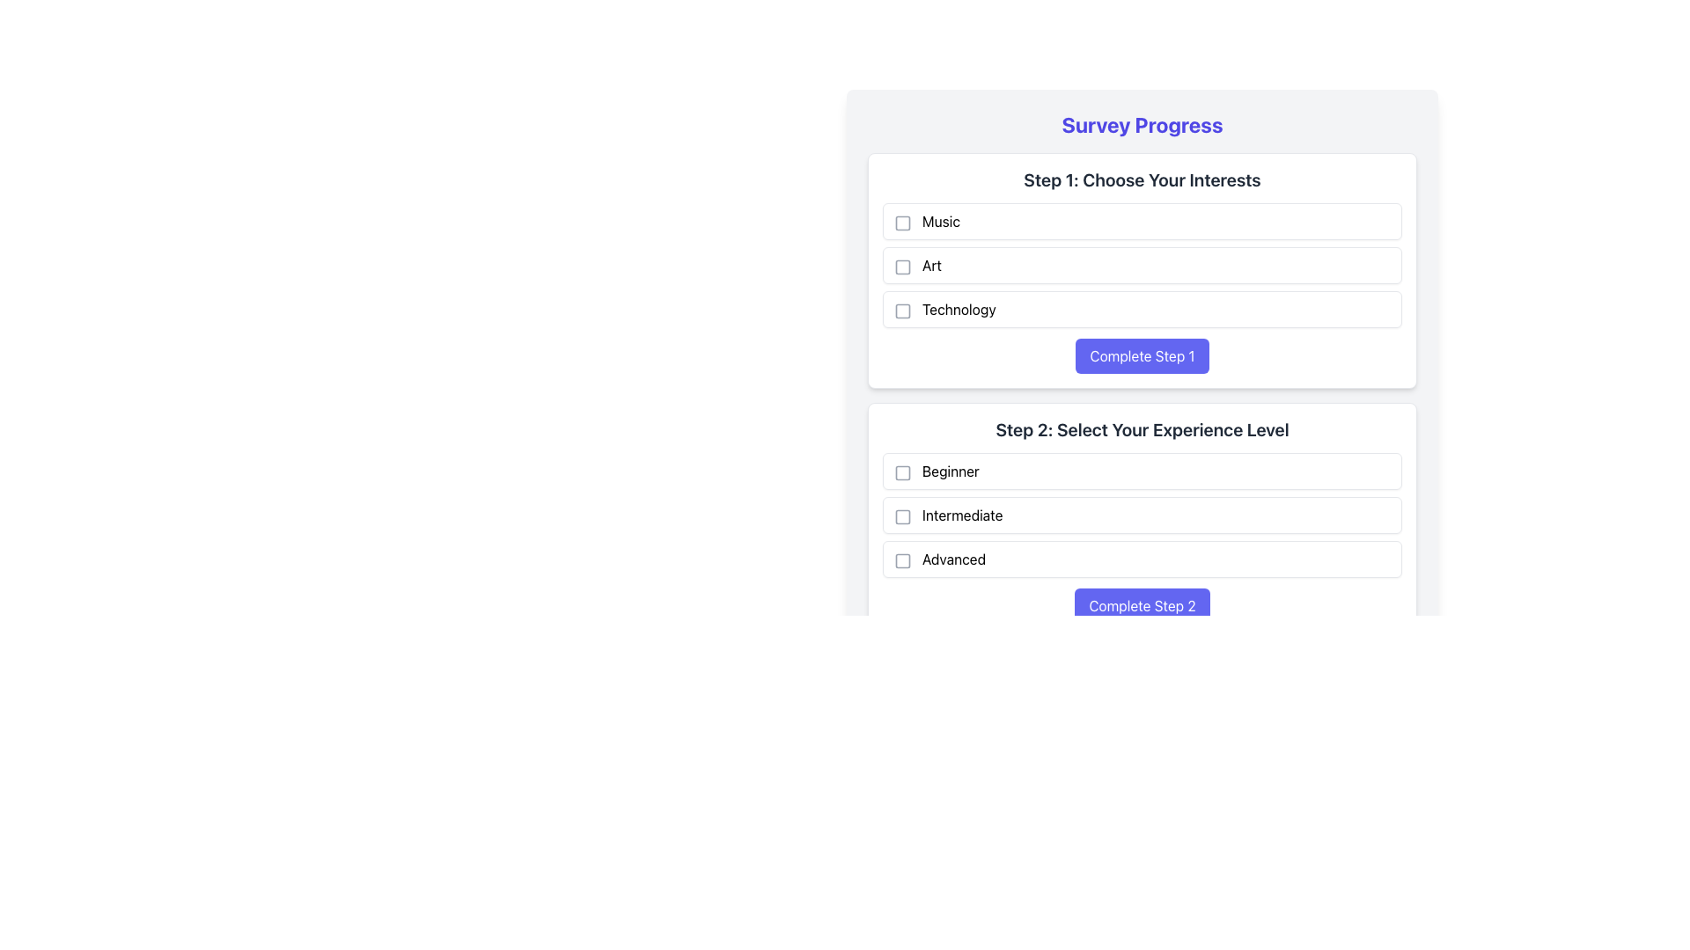  Describe the element at coordinates (903, 222) in the screenshot. I see `the Checkbox Icon located to the left of the text 'Music' to interact with it` at that location.